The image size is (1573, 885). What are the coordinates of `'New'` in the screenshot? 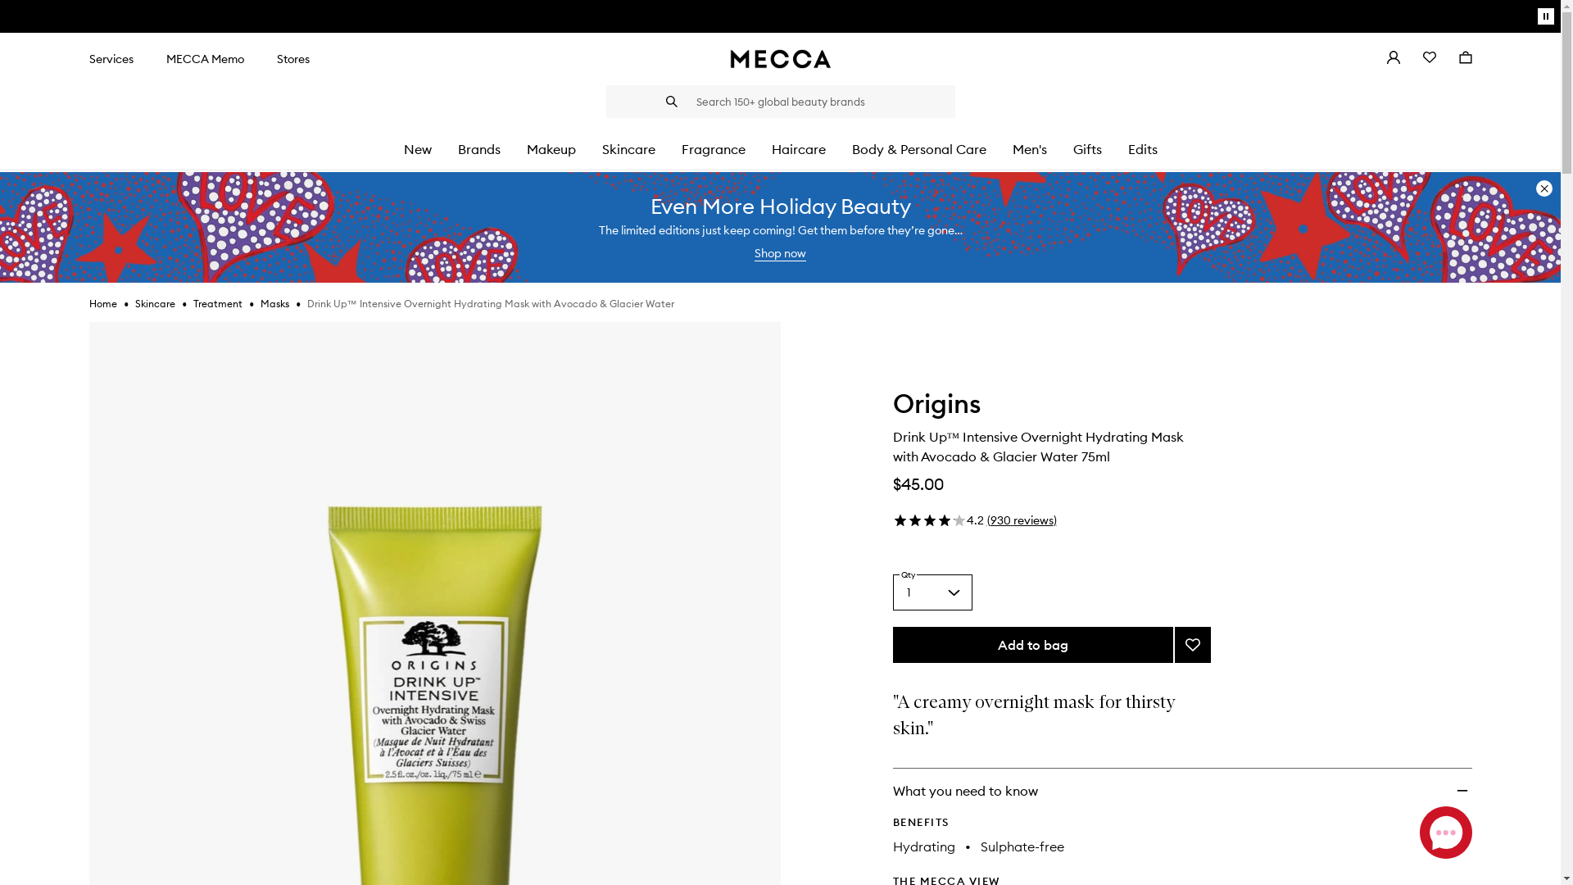 It's located at (416, 149).